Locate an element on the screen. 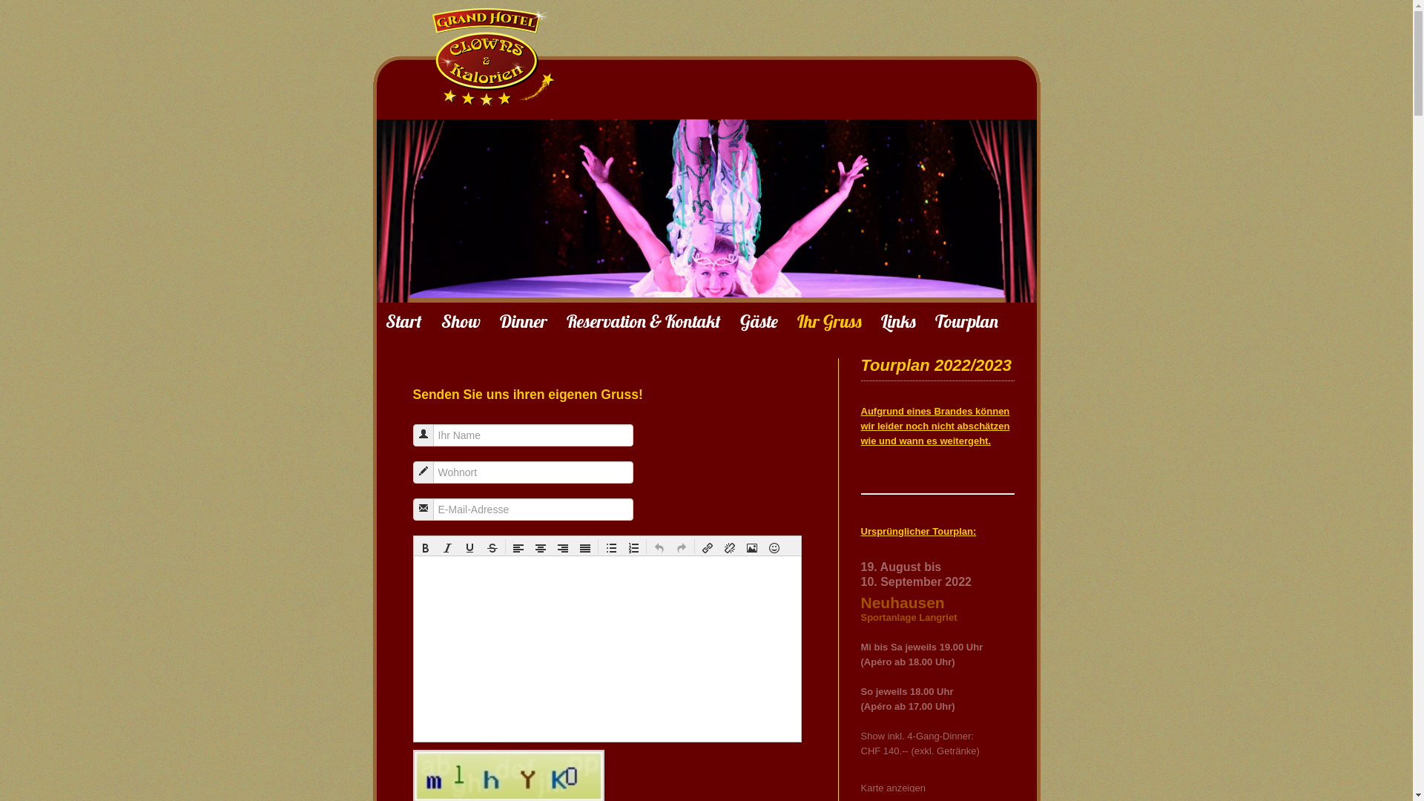  'Ihr Name' is located at coordinates (418, 434).